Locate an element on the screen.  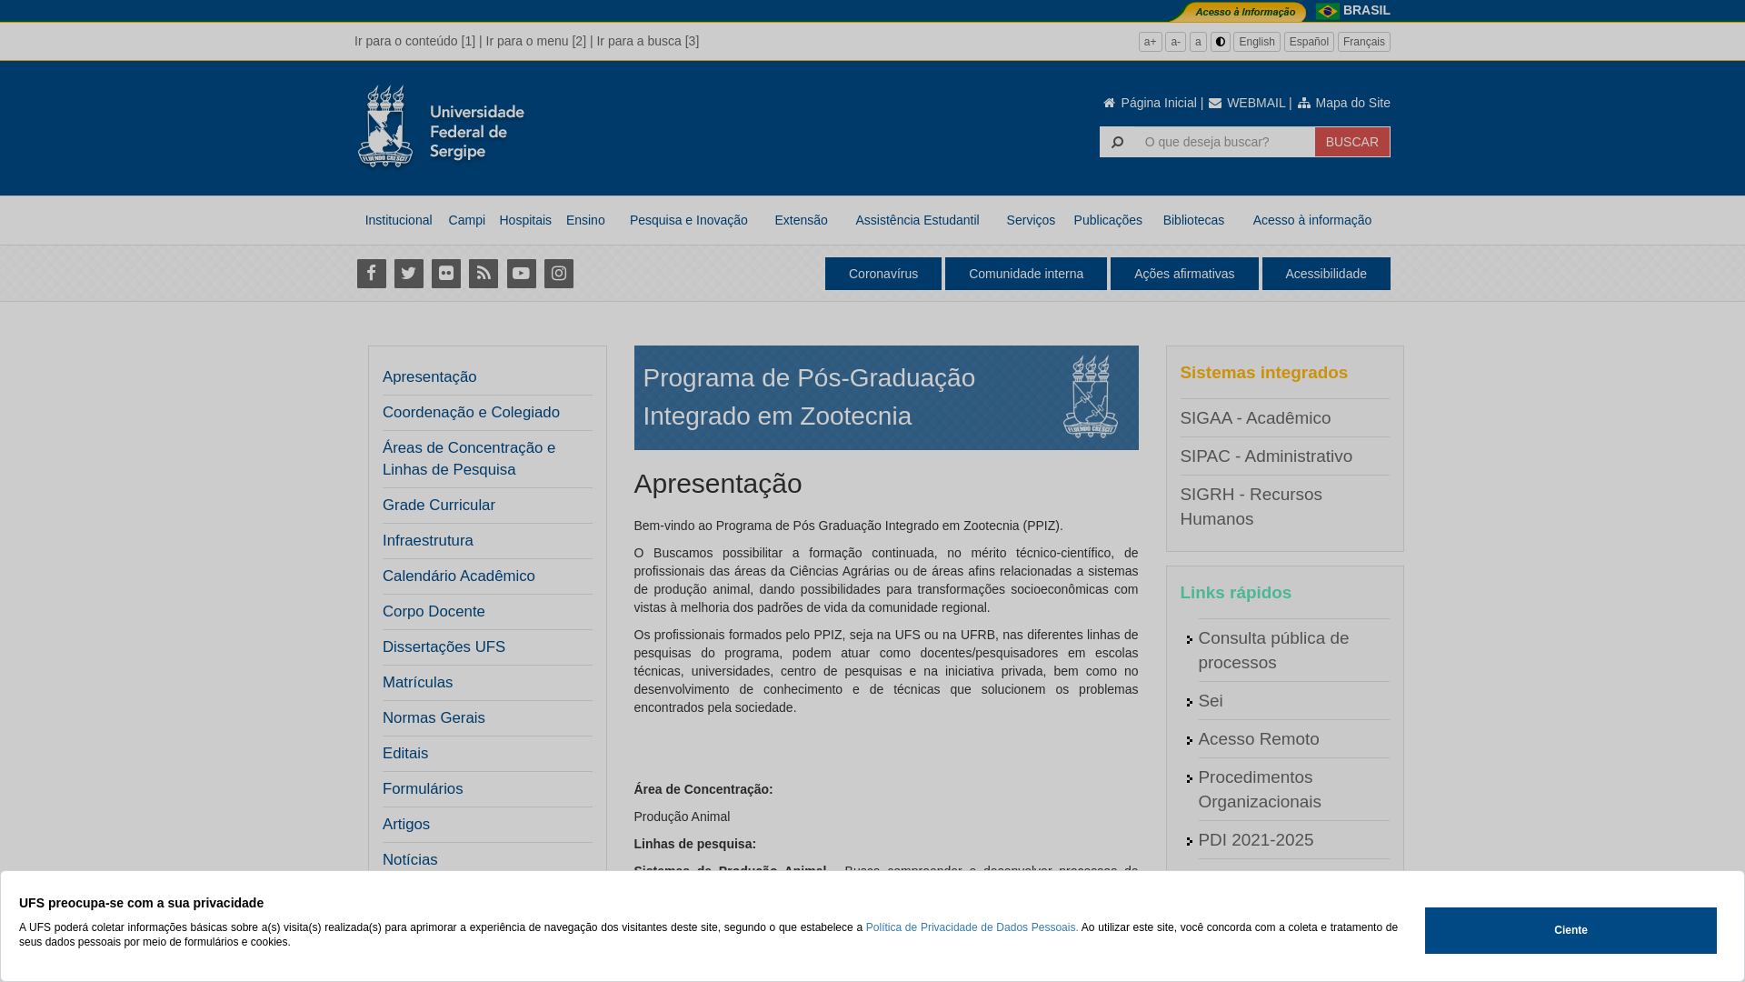
'Ir para a busca [3]' is located at coordinates (647, 41).